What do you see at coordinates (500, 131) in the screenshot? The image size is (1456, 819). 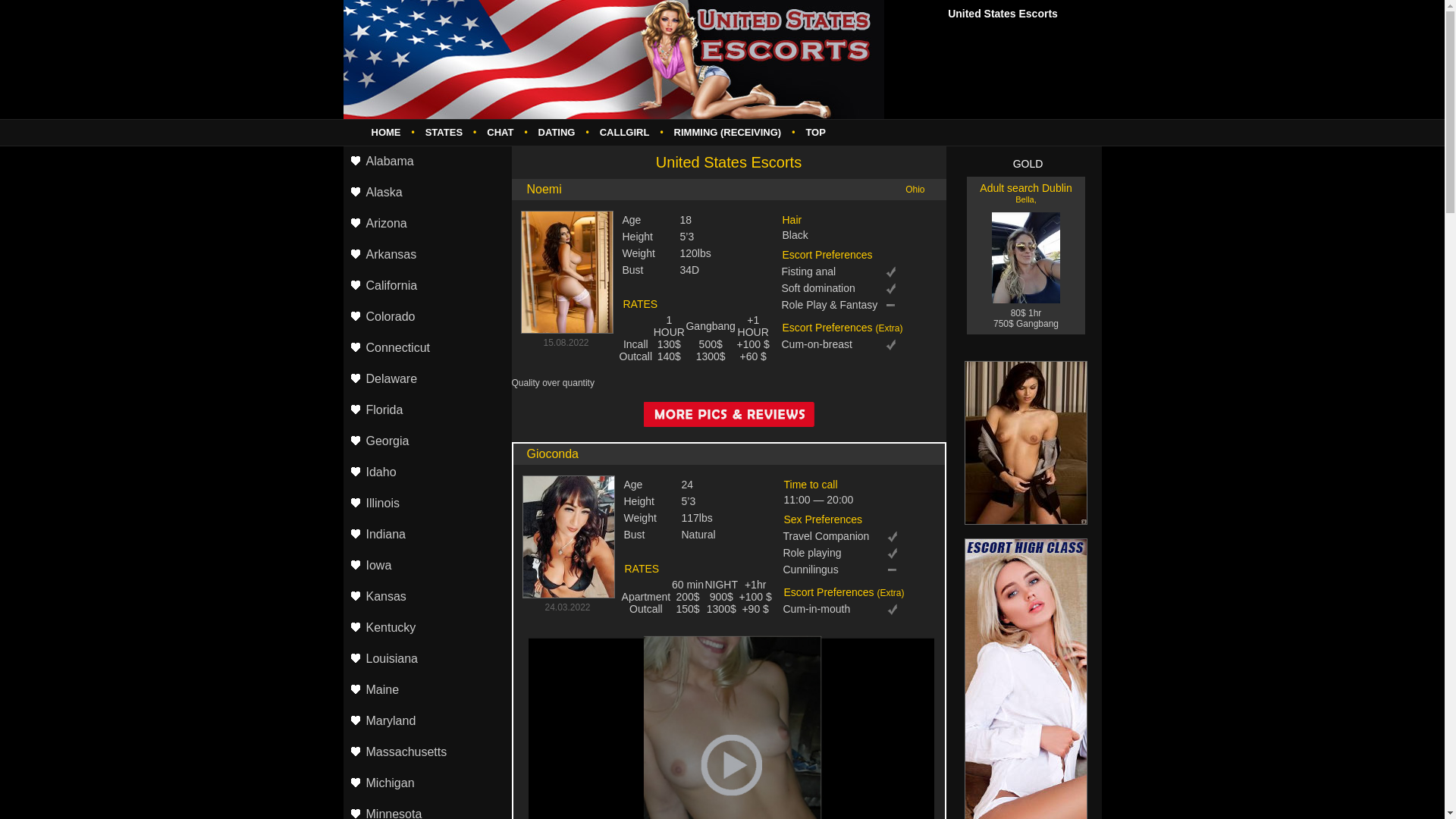 I see `'CHAT'` at bounding box center [500, 131].